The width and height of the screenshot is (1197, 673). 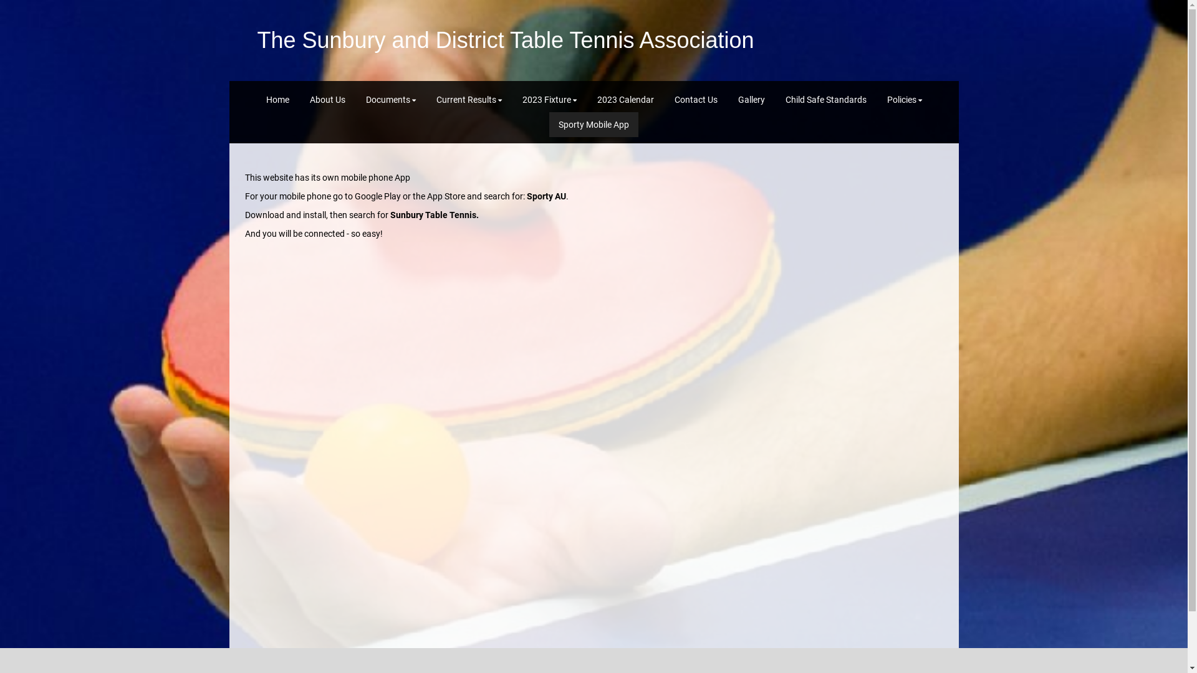 What do you see at coordinates (468, 98) in the screenshot?
I see `'Current Results'` at bounding box center [468, 98].